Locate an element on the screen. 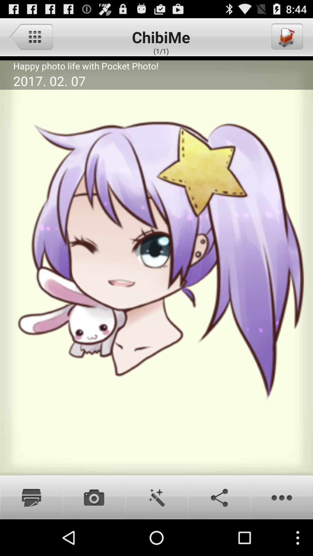  to cart is located at coordinates (286, 36).